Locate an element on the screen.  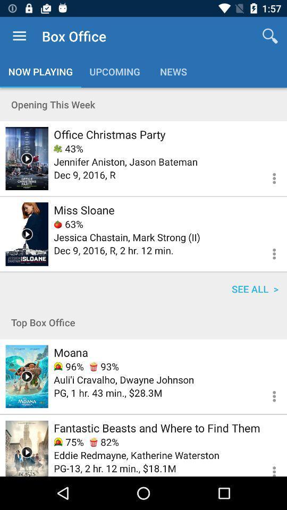
office christmas party is located at coordinates (109, 134).